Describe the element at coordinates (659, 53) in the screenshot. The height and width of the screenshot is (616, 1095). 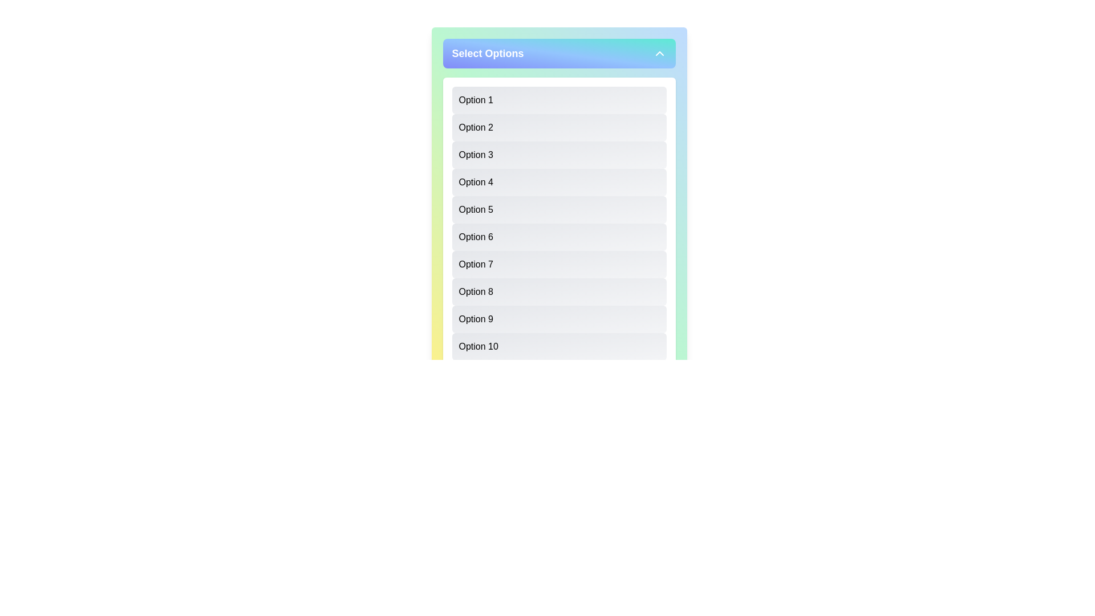
I see `the center of the upward-facing chevron arrow icon located in the 'Select Options' header area` at that location.